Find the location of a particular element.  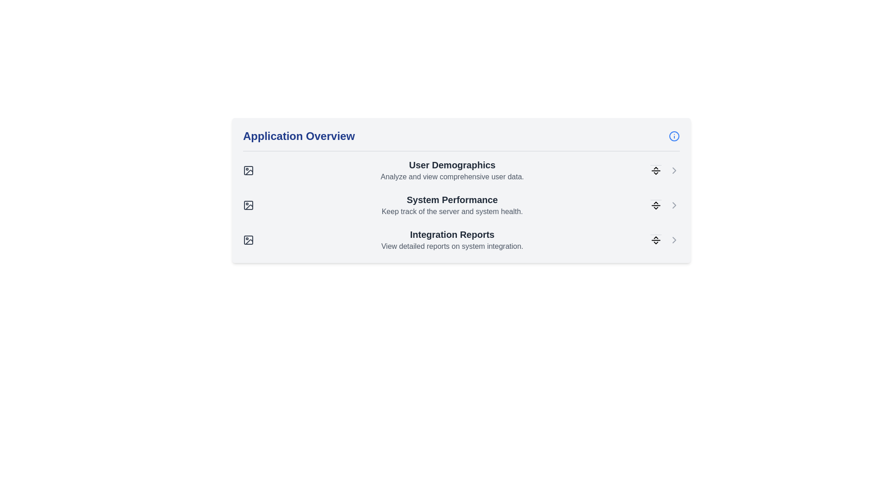

the user demographics icon, which is the first item in a vertical series of similar icons on the left side of the content layout is located at coordinates (248, 171).